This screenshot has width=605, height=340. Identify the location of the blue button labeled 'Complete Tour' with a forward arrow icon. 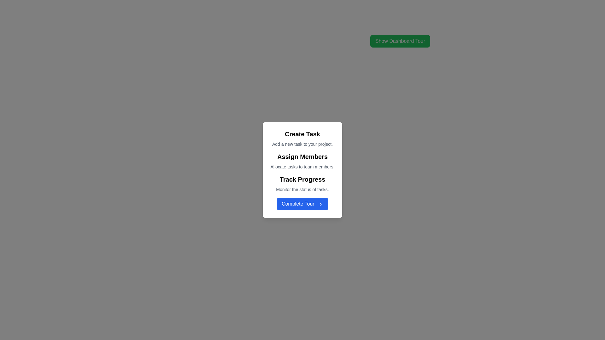
(302, 204).